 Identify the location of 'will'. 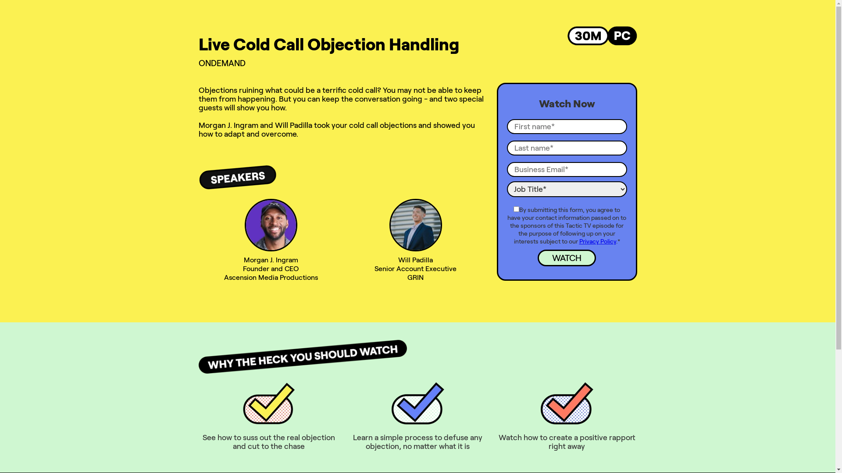
(389, 224).